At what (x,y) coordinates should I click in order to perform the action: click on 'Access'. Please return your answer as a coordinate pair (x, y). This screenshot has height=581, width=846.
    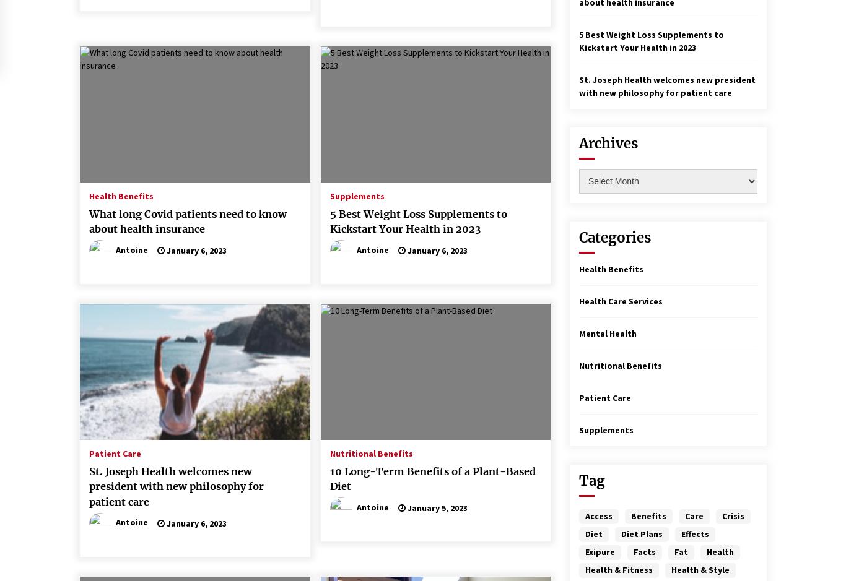
    Looking at the image, I should click on (598, 515).